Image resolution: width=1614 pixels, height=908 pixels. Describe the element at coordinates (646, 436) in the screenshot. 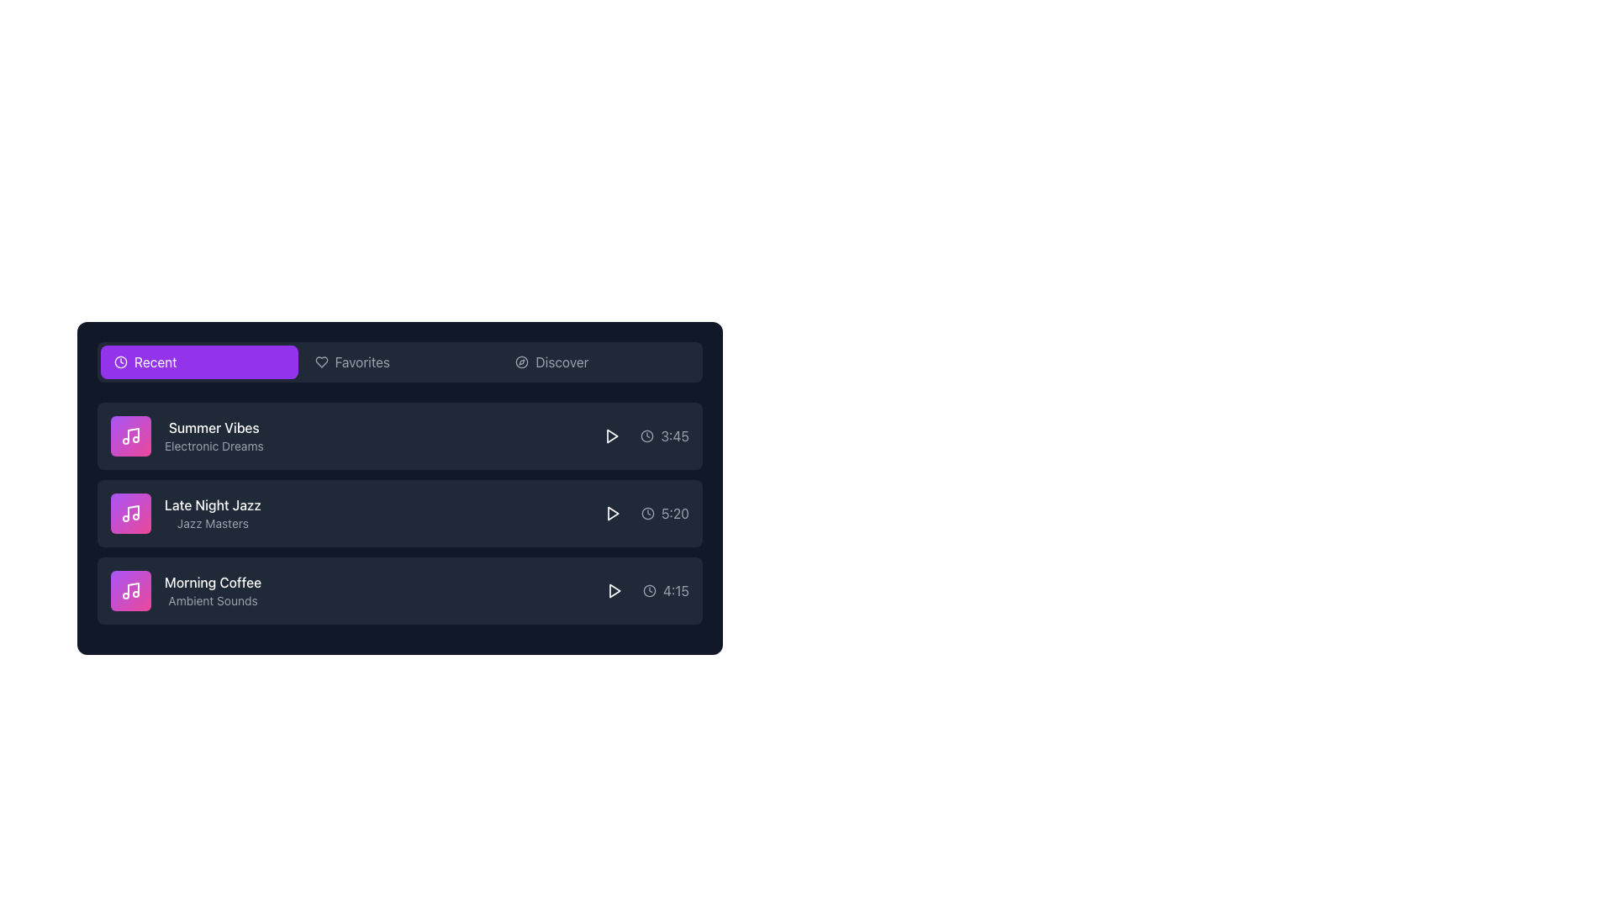

I see `the Decorative SVG circle that forms part of the clock icon adjacent to the time '3:45' in the item list` at that location.